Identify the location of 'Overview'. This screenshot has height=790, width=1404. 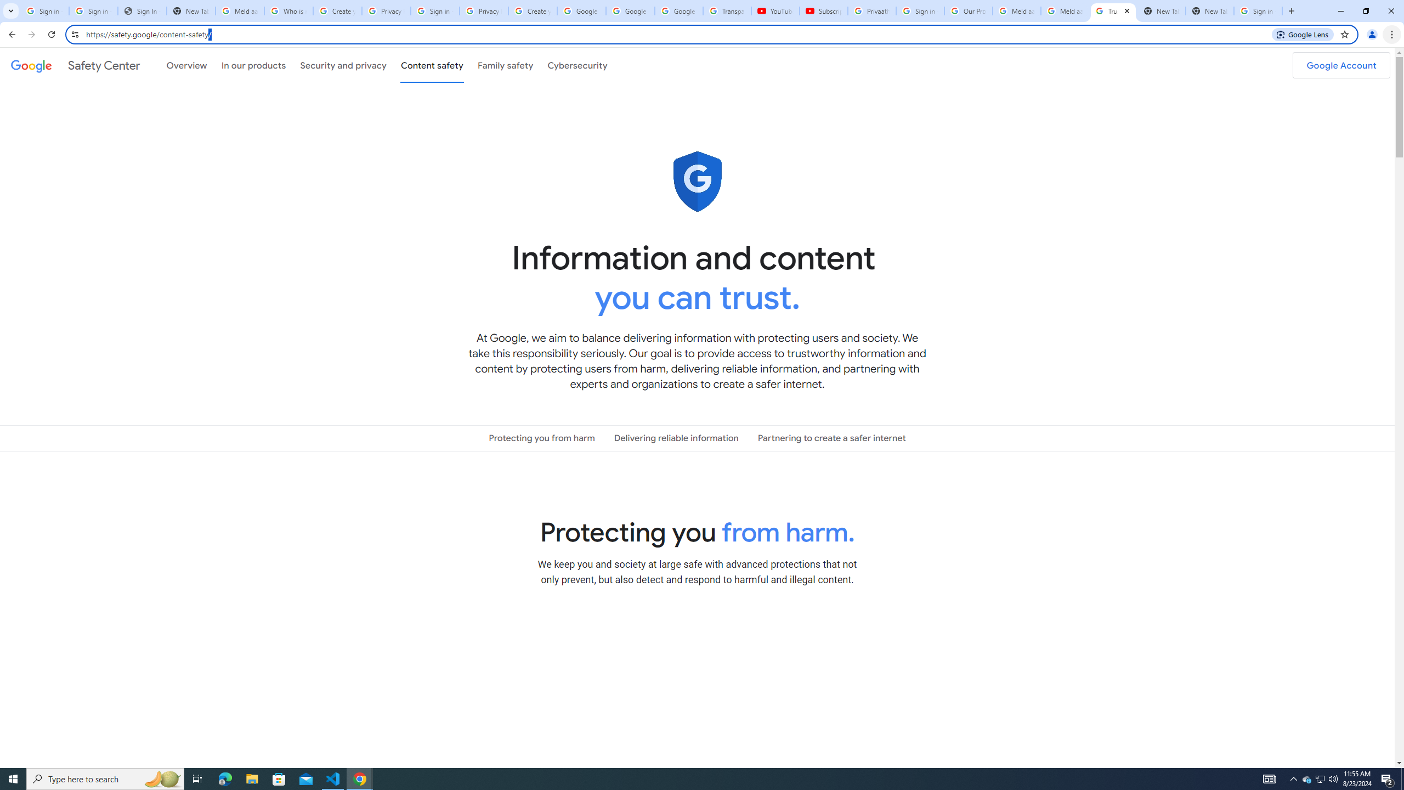
(186, 65).